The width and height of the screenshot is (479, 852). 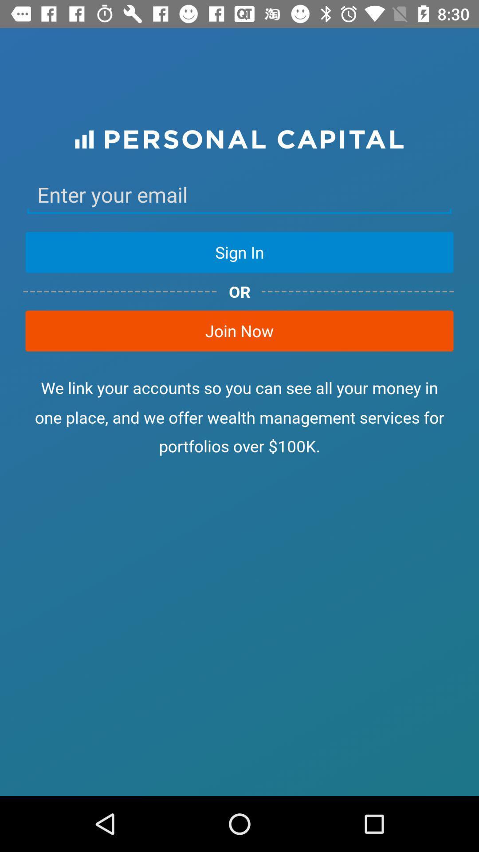 I want to click on sign in icon, so click(x=239, y=252).